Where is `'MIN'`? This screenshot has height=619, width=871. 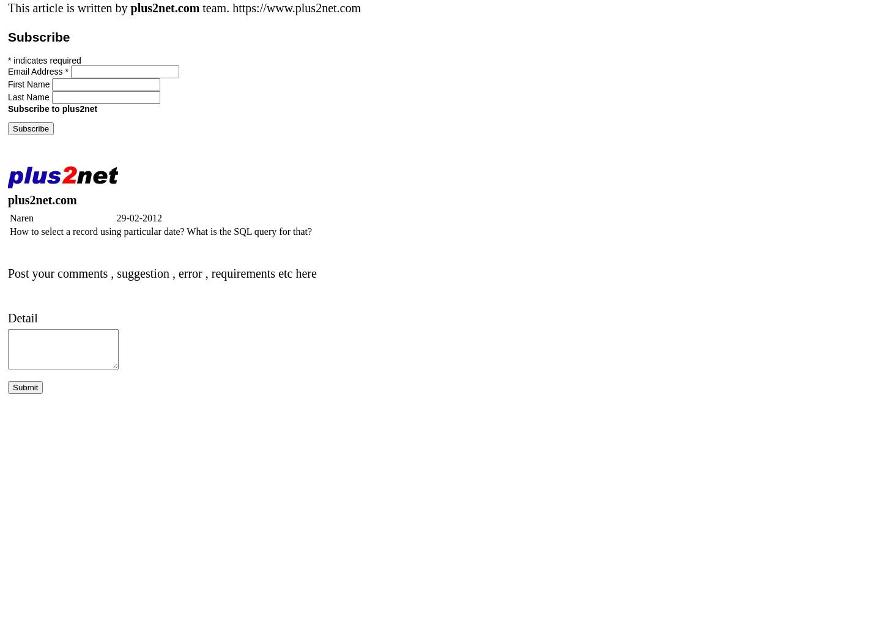 'MIN' is located at coordinates (228, 516).